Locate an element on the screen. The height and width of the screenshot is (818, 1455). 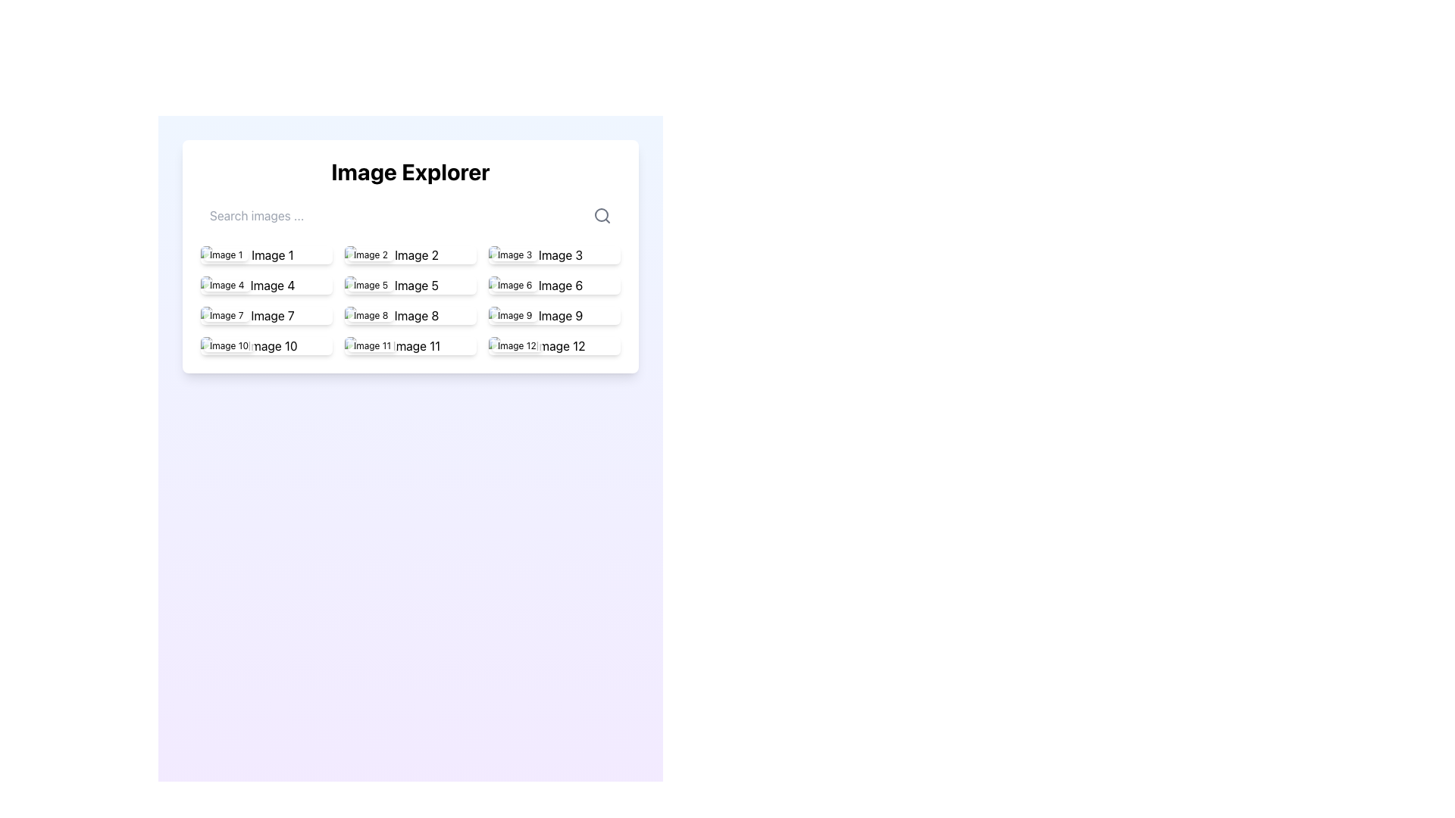
the search functionality icon located at the top-right corner of the search bar component, which provides a visual indication of the search functionality is located at coordinates (602, 216).